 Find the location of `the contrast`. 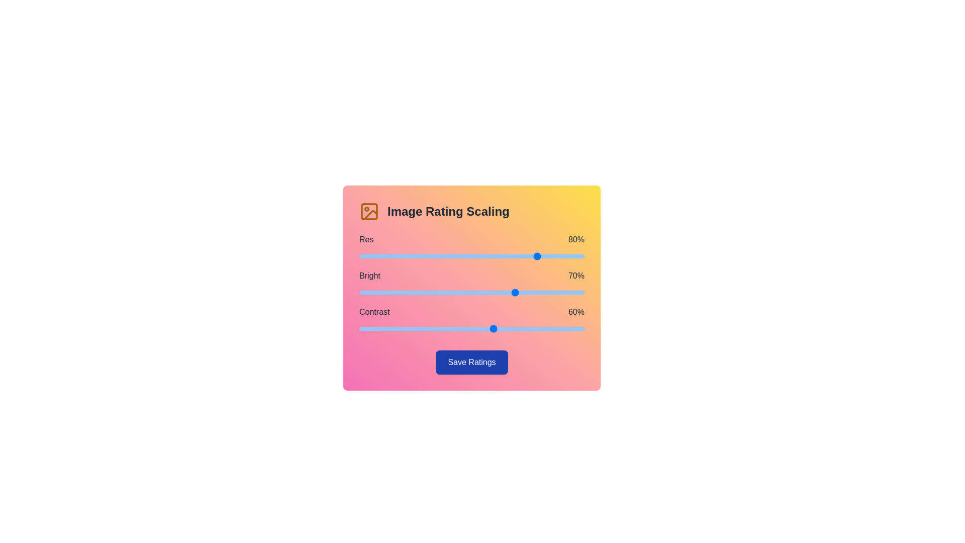

the contrast is located at coordinates (554, 329).